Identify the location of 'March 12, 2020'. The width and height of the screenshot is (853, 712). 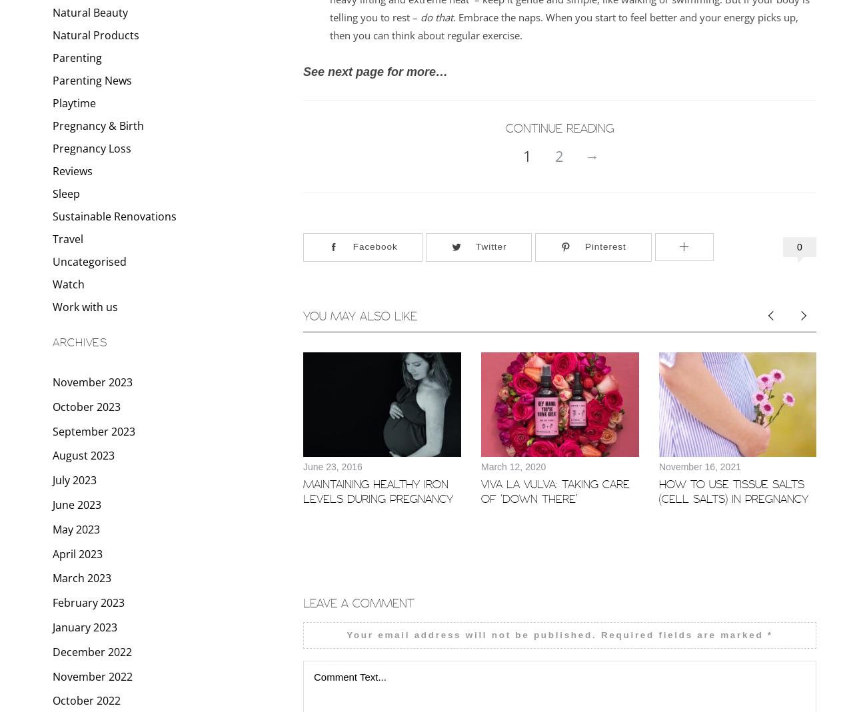
(480, 465).